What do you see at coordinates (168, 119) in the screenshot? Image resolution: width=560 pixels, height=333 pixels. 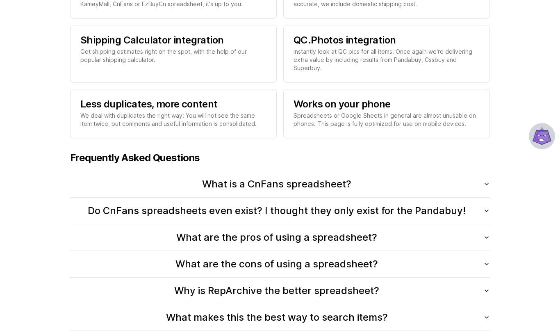 I see `'We deal with duplicates the right way: You will not see the same item twice, but comments and useful information is consolidated.'` at bounding box center [168, 119].